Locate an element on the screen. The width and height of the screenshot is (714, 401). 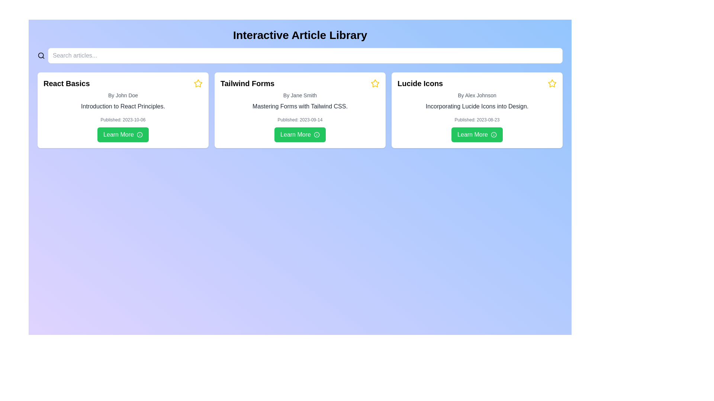
text label displaying the author's name located beneath the 'Tailwind Forms' title in the second article card is located at coordinates (300, 95).